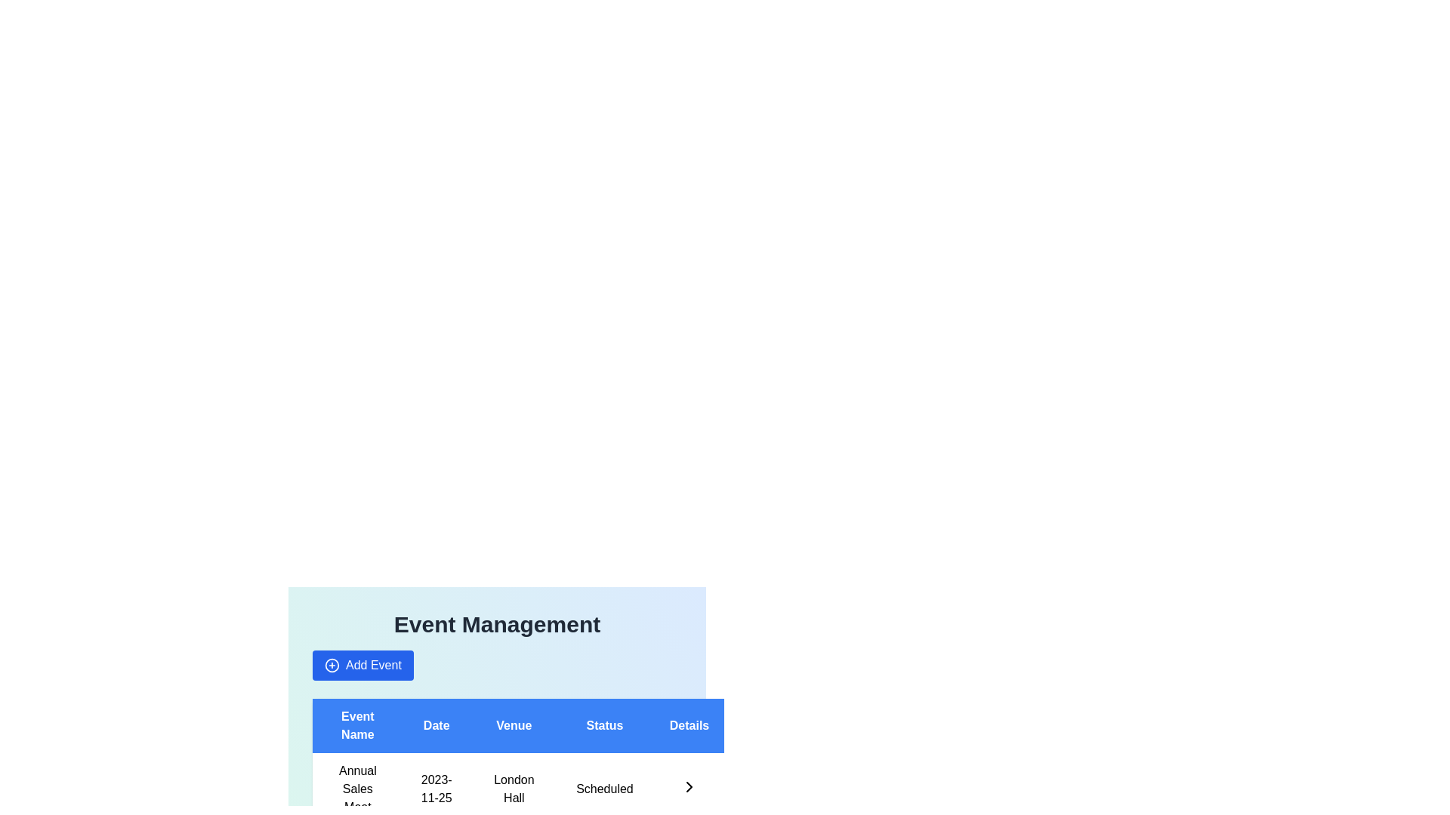  Describe the element at coordinates (514, 724) in the screenshot. I see `the 'Venue' label which is the third item in a horizontal row of five buttons, positioned between 'Date' and 'Status'` at that location.